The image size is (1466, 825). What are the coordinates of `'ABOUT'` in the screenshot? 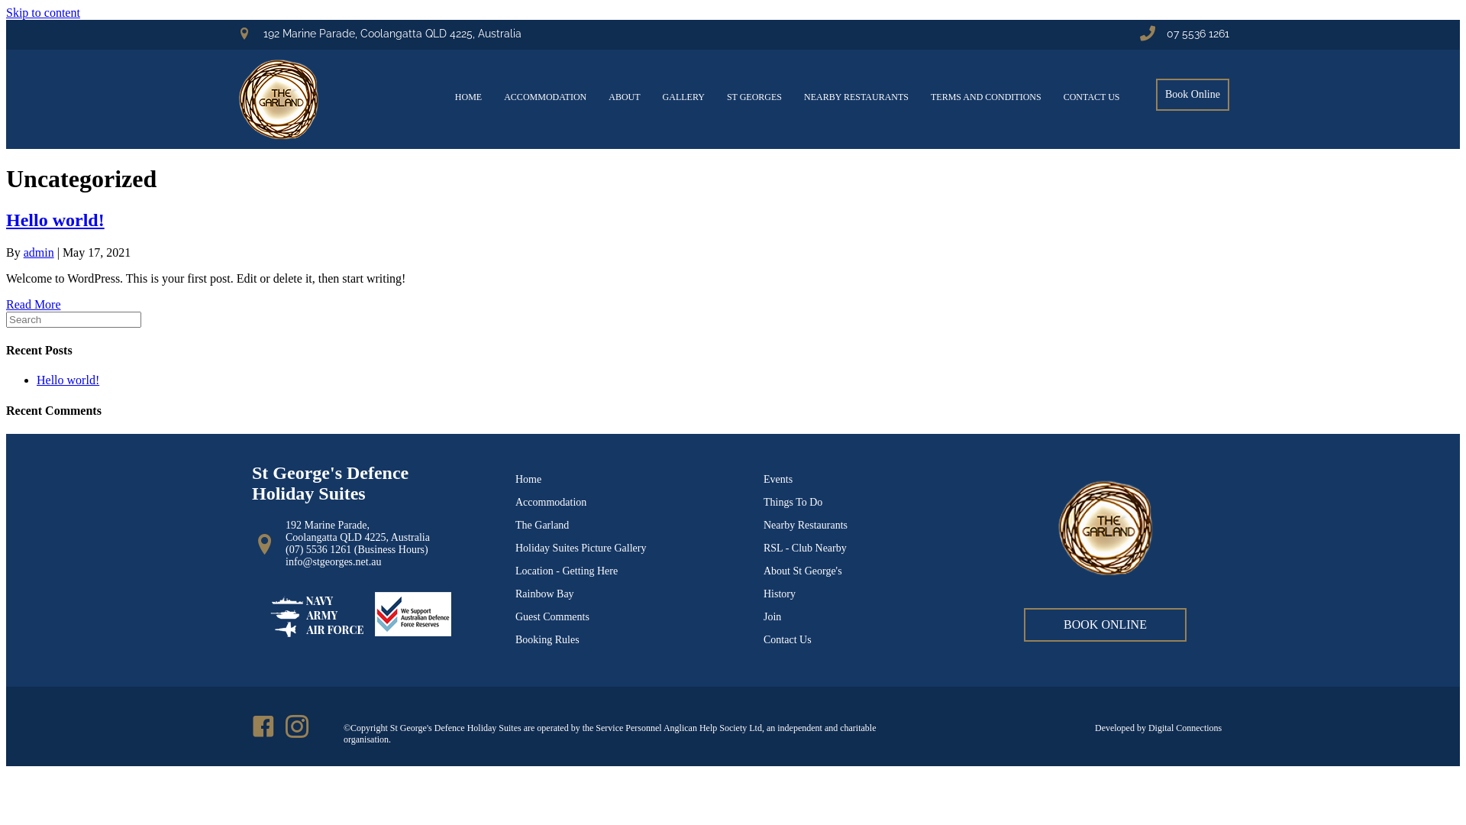 It's located at (596, 97).